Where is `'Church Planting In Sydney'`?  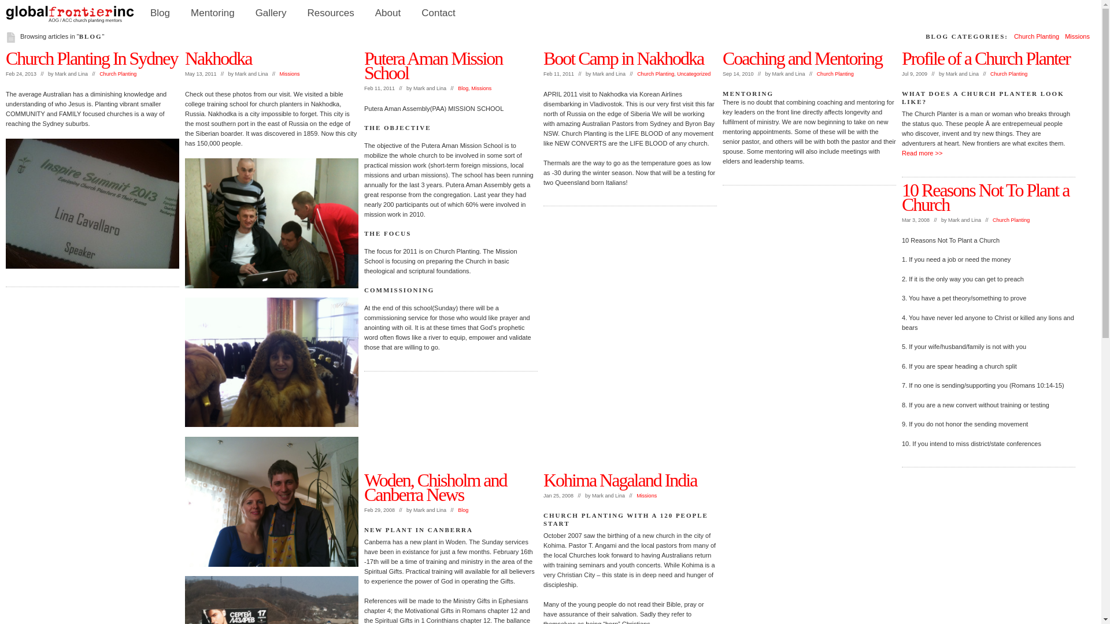 'Church Planting In Sydney' is located at coordinates (91, 58).